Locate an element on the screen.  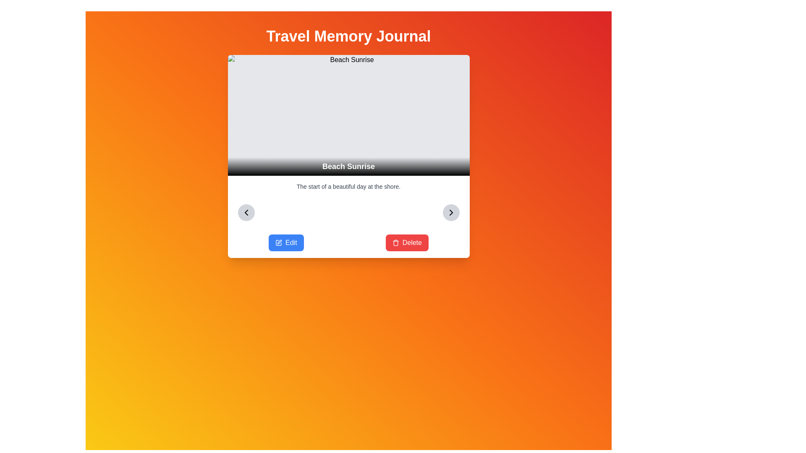
the blue 'Edit' button with white text and a pen icon is located at coordinates (286, 242).